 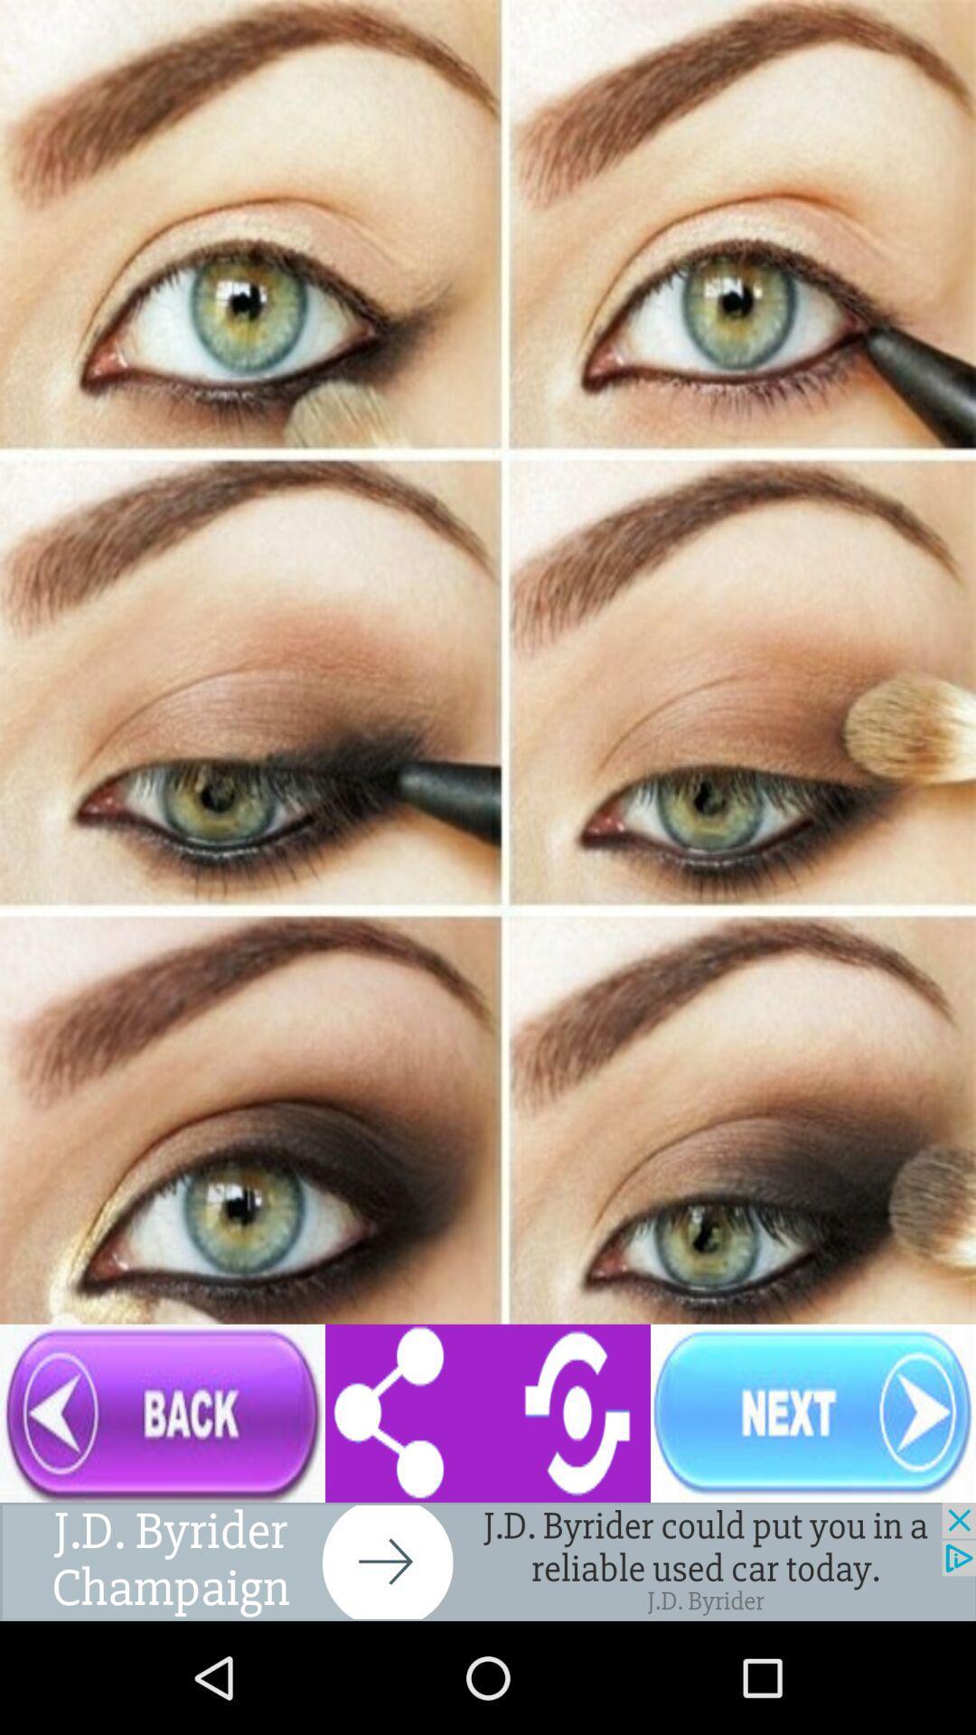 What do you see at coordinates (488, 1561) in the screenshot?
I see `option` at bounding box center [488, 1561].